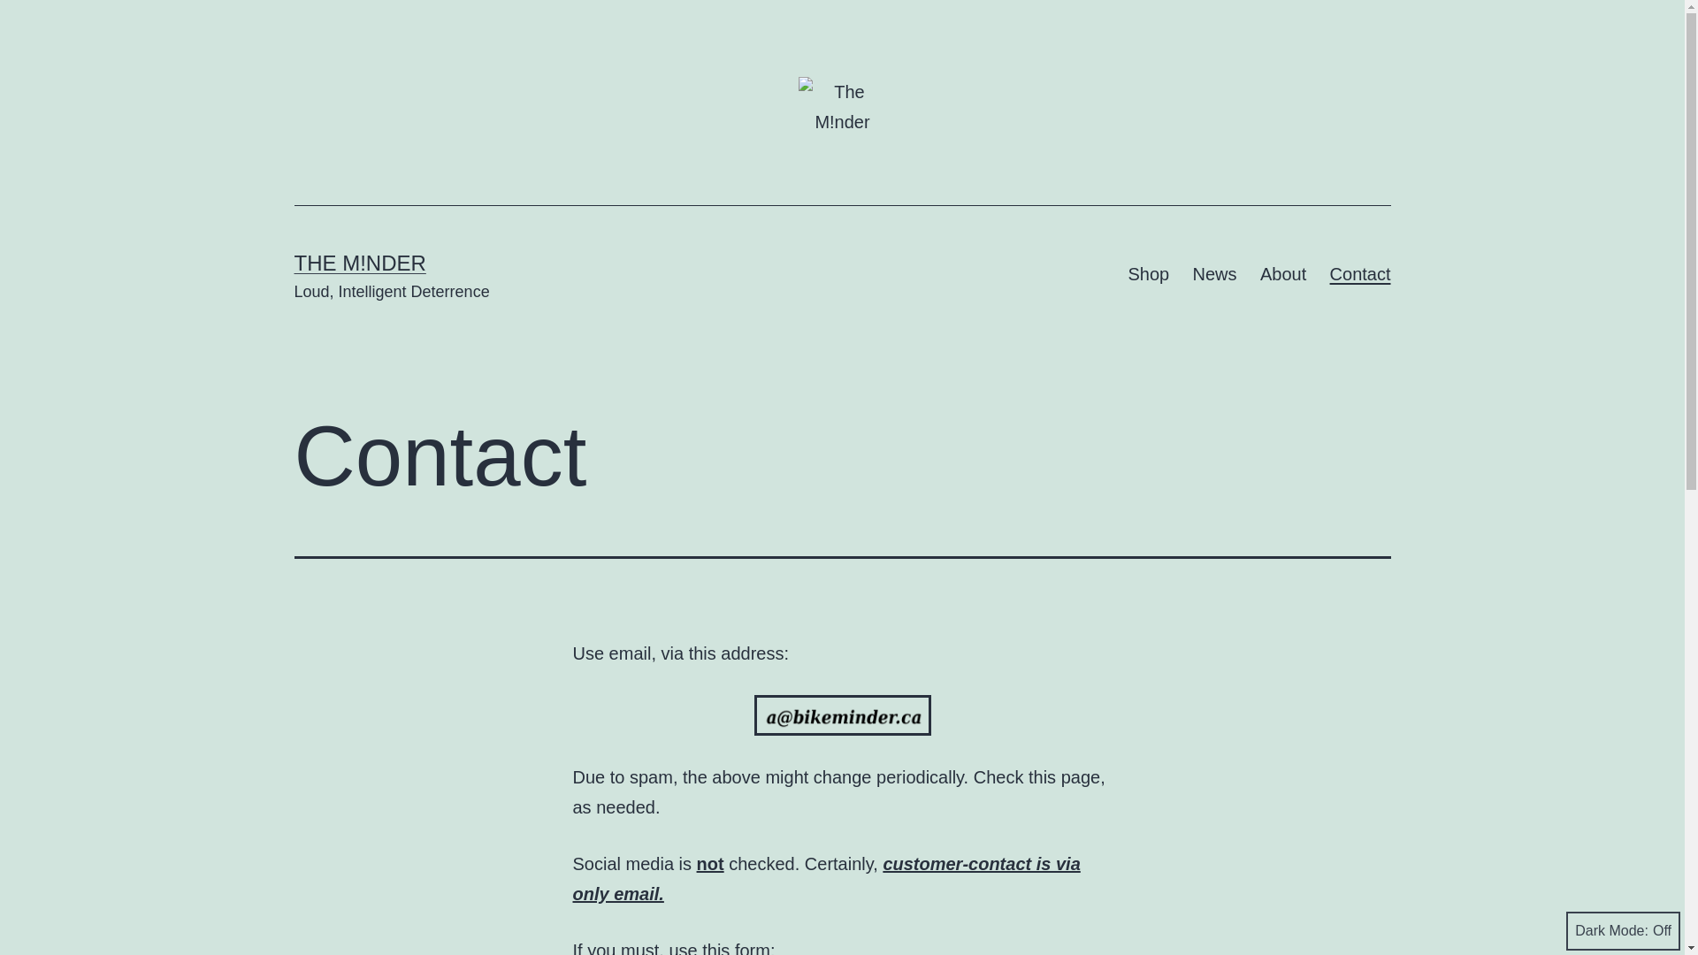  Describe the element at coordinates (1148, 274) in the screenshot. I see `'Shop'` at that location.